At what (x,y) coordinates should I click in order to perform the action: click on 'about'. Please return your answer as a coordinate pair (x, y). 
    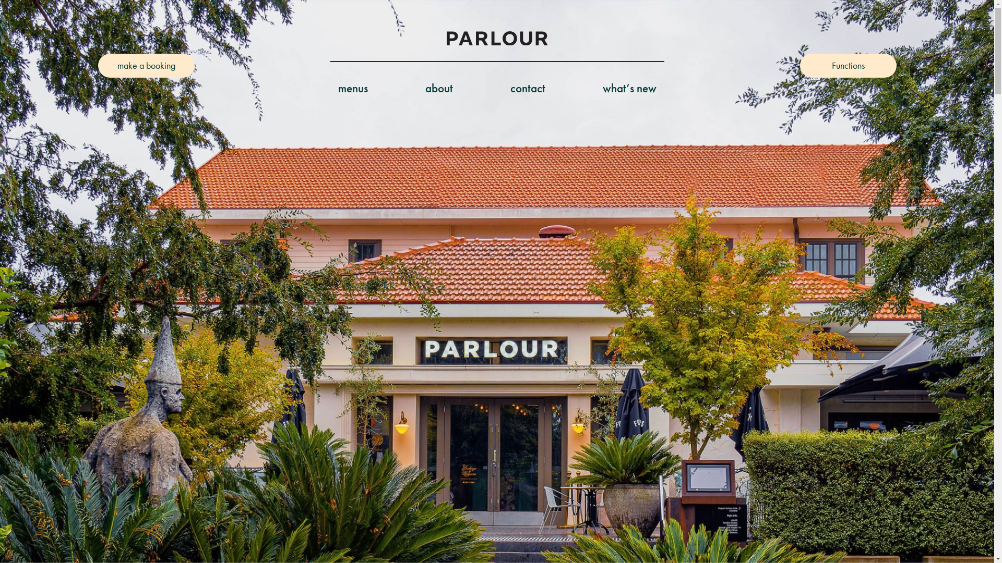
    Looking at the image, I should click on (425, 88).